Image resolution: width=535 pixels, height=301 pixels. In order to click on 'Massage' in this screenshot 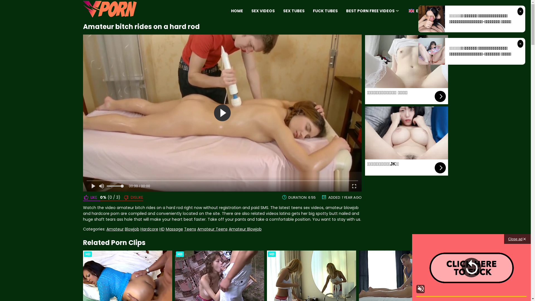, I will do `click(165, 229)`.